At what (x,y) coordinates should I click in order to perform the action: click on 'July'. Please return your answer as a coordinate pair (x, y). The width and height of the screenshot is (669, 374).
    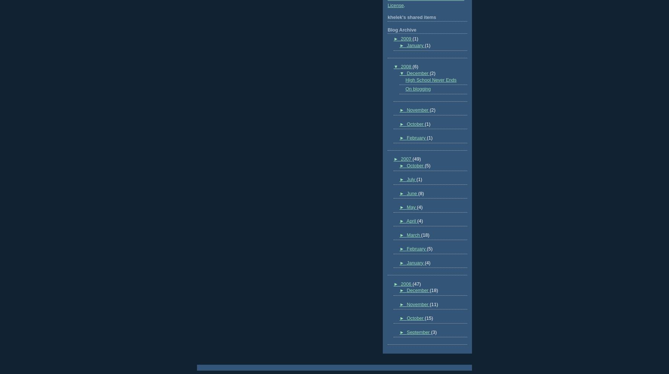
    Looking at the image, I should click on (411, 180).